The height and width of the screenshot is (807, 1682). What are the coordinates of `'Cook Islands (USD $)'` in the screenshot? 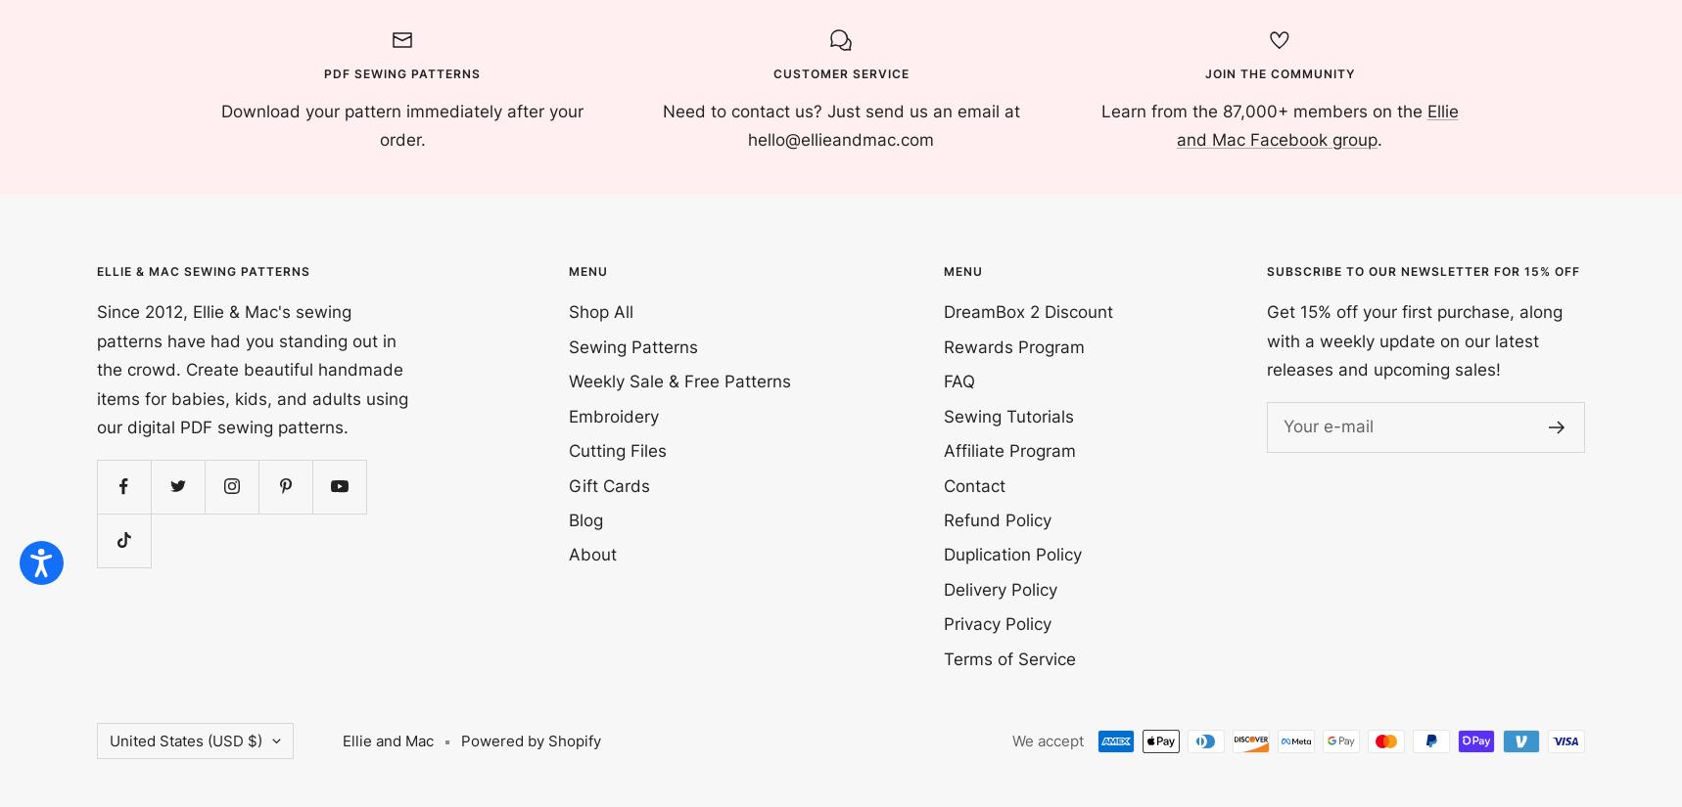 It's located at (185, 664).